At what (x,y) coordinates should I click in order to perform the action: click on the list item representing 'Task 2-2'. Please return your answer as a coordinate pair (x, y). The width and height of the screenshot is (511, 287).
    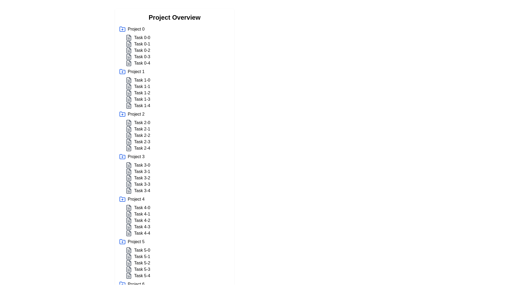
    Looking at the image, I should click on (178, 135).